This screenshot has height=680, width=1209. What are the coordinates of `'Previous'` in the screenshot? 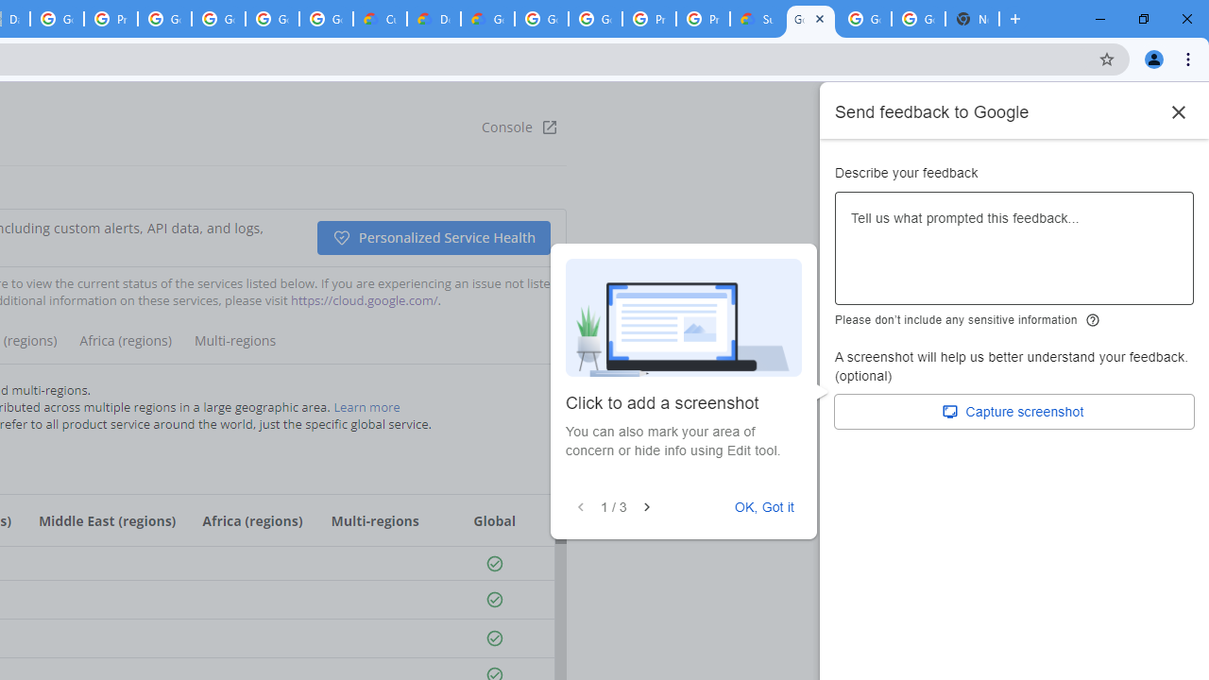 It's located at (580, 506).